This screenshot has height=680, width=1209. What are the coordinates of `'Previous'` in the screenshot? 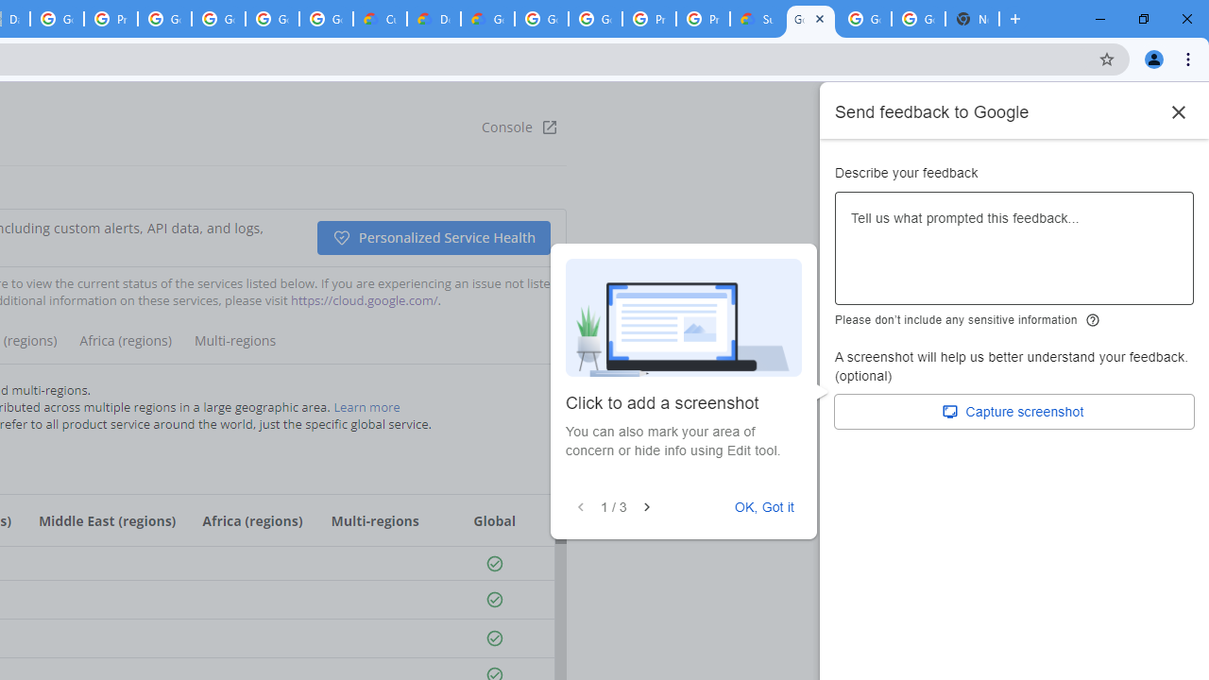 It's located at (580, 506).